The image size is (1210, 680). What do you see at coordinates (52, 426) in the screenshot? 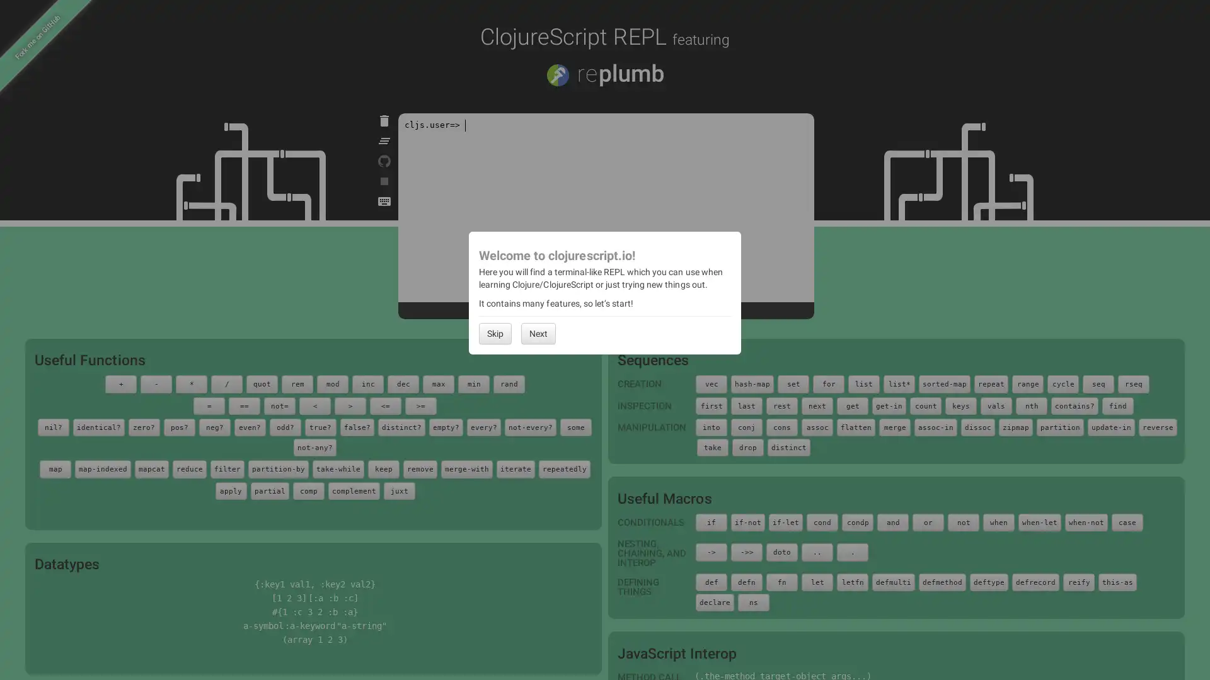
I see `nil?` at bounding box center [52, 426].